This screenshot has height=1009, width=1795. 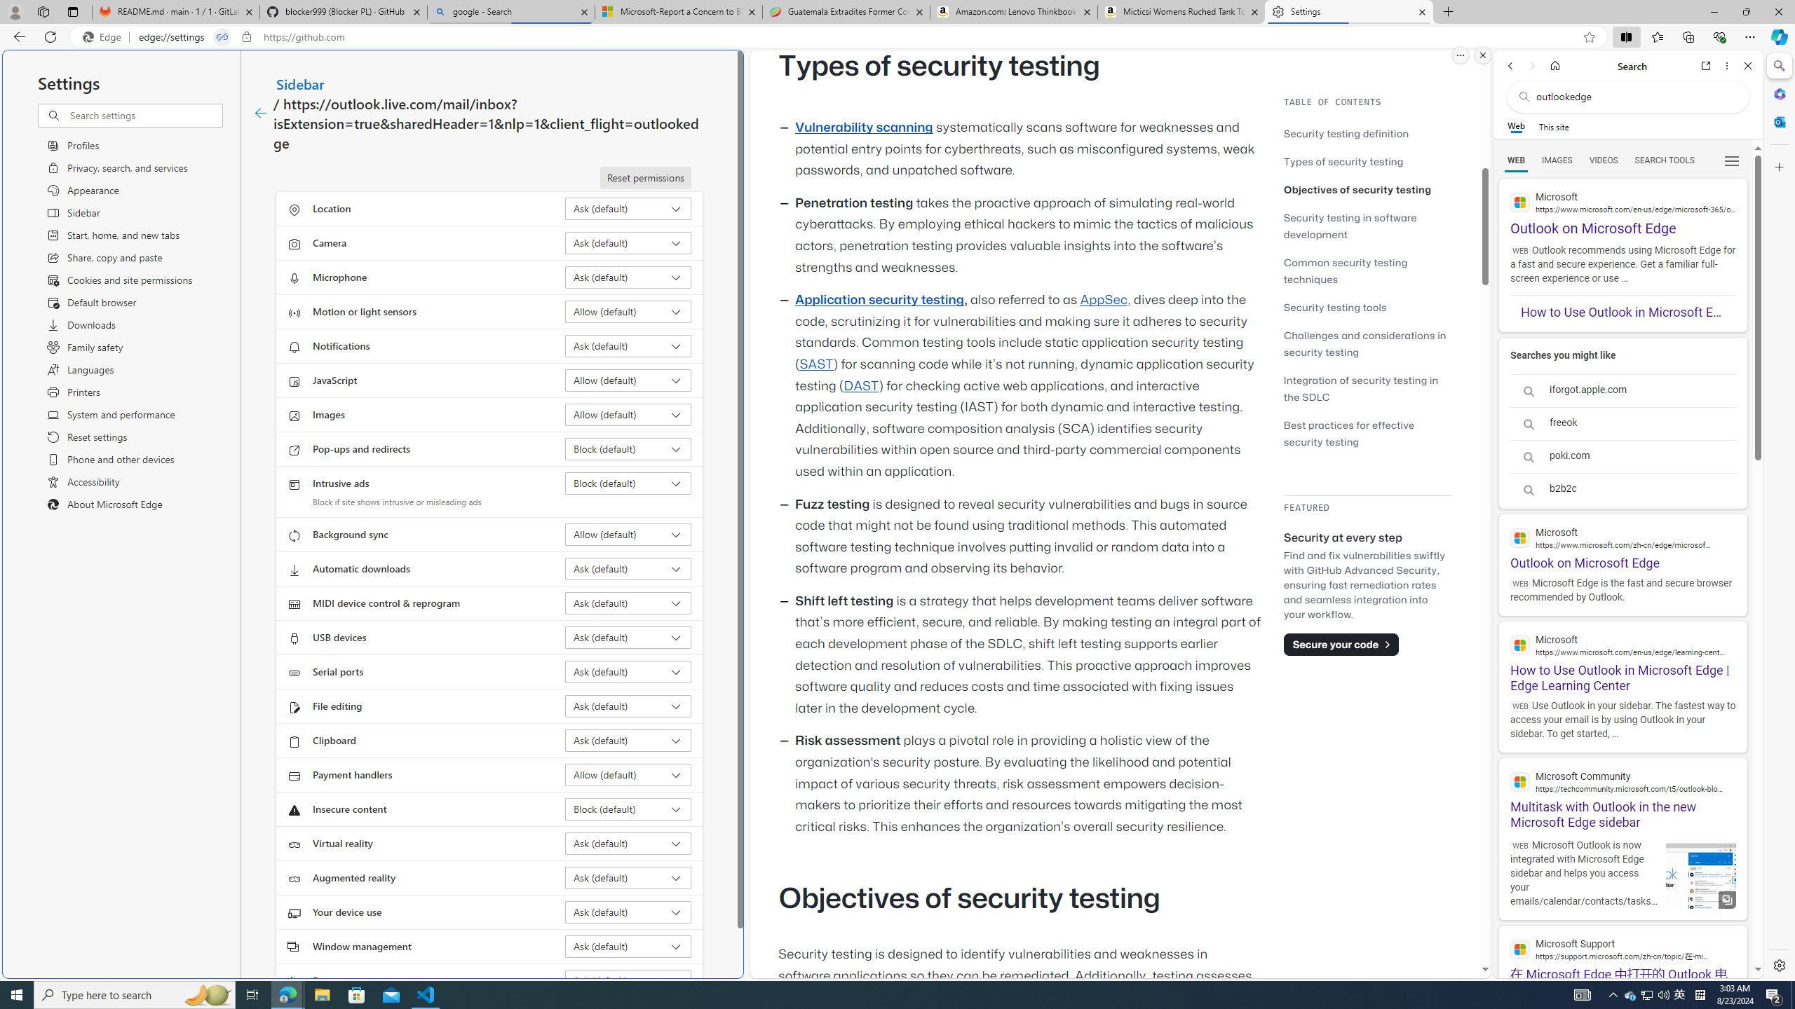 I want to click on 'Virtual reality Ask (default)', so click(x=628, y=842).